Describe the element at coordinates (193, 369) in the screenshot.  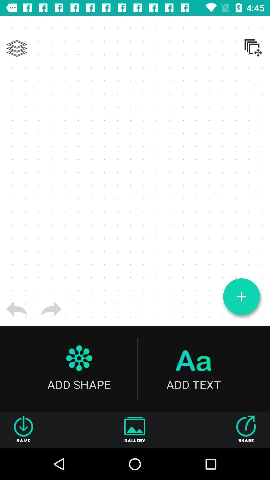
I see `the add text icon` at that location.